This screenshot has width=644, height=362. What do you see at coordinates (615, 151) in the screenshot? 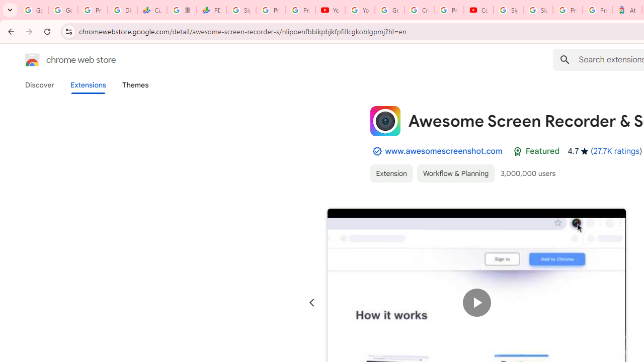
I see `'27.7K ratings'` at bounding box center [615, 151].